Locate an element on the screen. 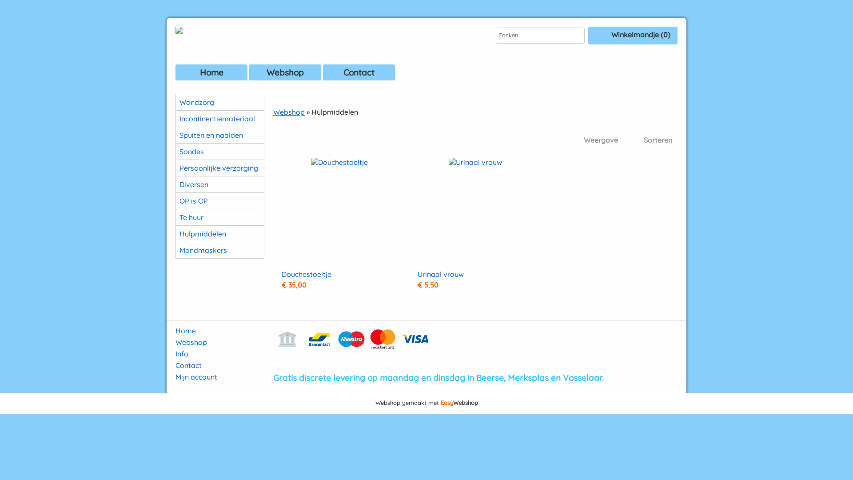 The image size is (853, 480). 'Spuiten en naalden' is located at coordinates (219, 135).